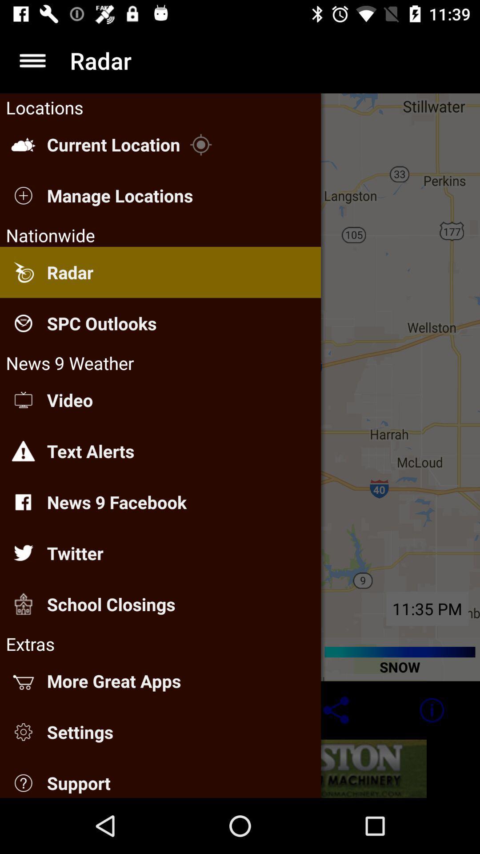 This screenshot has height=854, width=480. What do you see at coordinates (32, 60) in the screenshot?
I see `the menu icon` at bounding box center [32, 60].